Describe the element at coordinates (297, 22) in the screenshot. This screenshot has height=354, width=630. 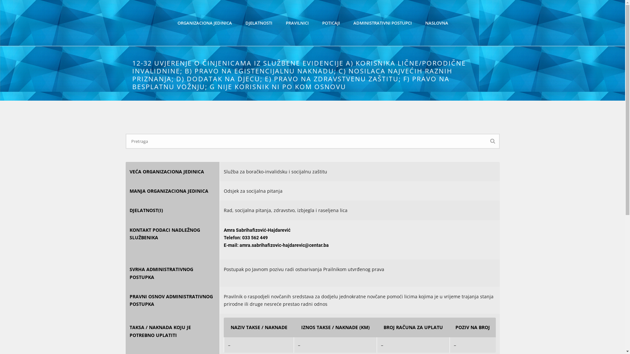
I see `'PRAVILNICI'` at that location.